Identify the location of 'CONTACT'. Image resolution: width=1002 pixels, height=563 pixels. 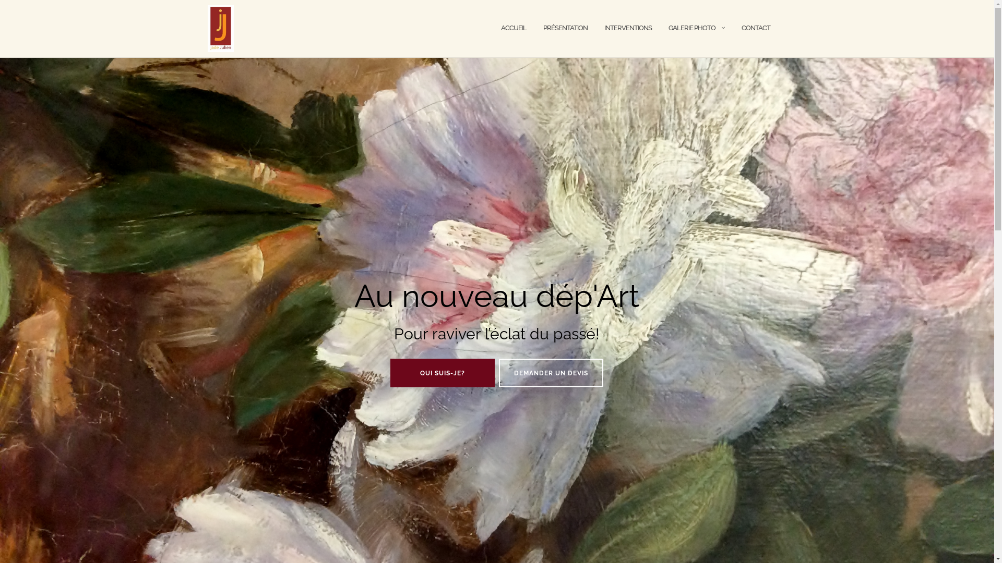
(741, 28).